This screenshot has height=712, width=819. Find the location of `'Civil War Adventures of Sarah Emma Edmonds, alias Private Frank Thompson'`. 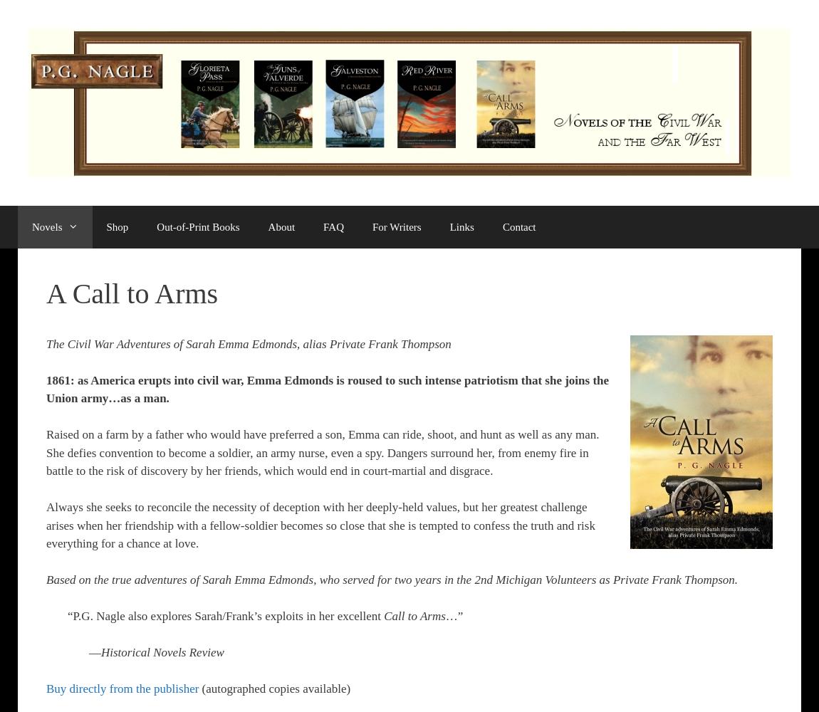

'Civil War Adventures of Sarah Emma Edmonds, alias Private Frank Thompson' is located at coordinates (259, 342).